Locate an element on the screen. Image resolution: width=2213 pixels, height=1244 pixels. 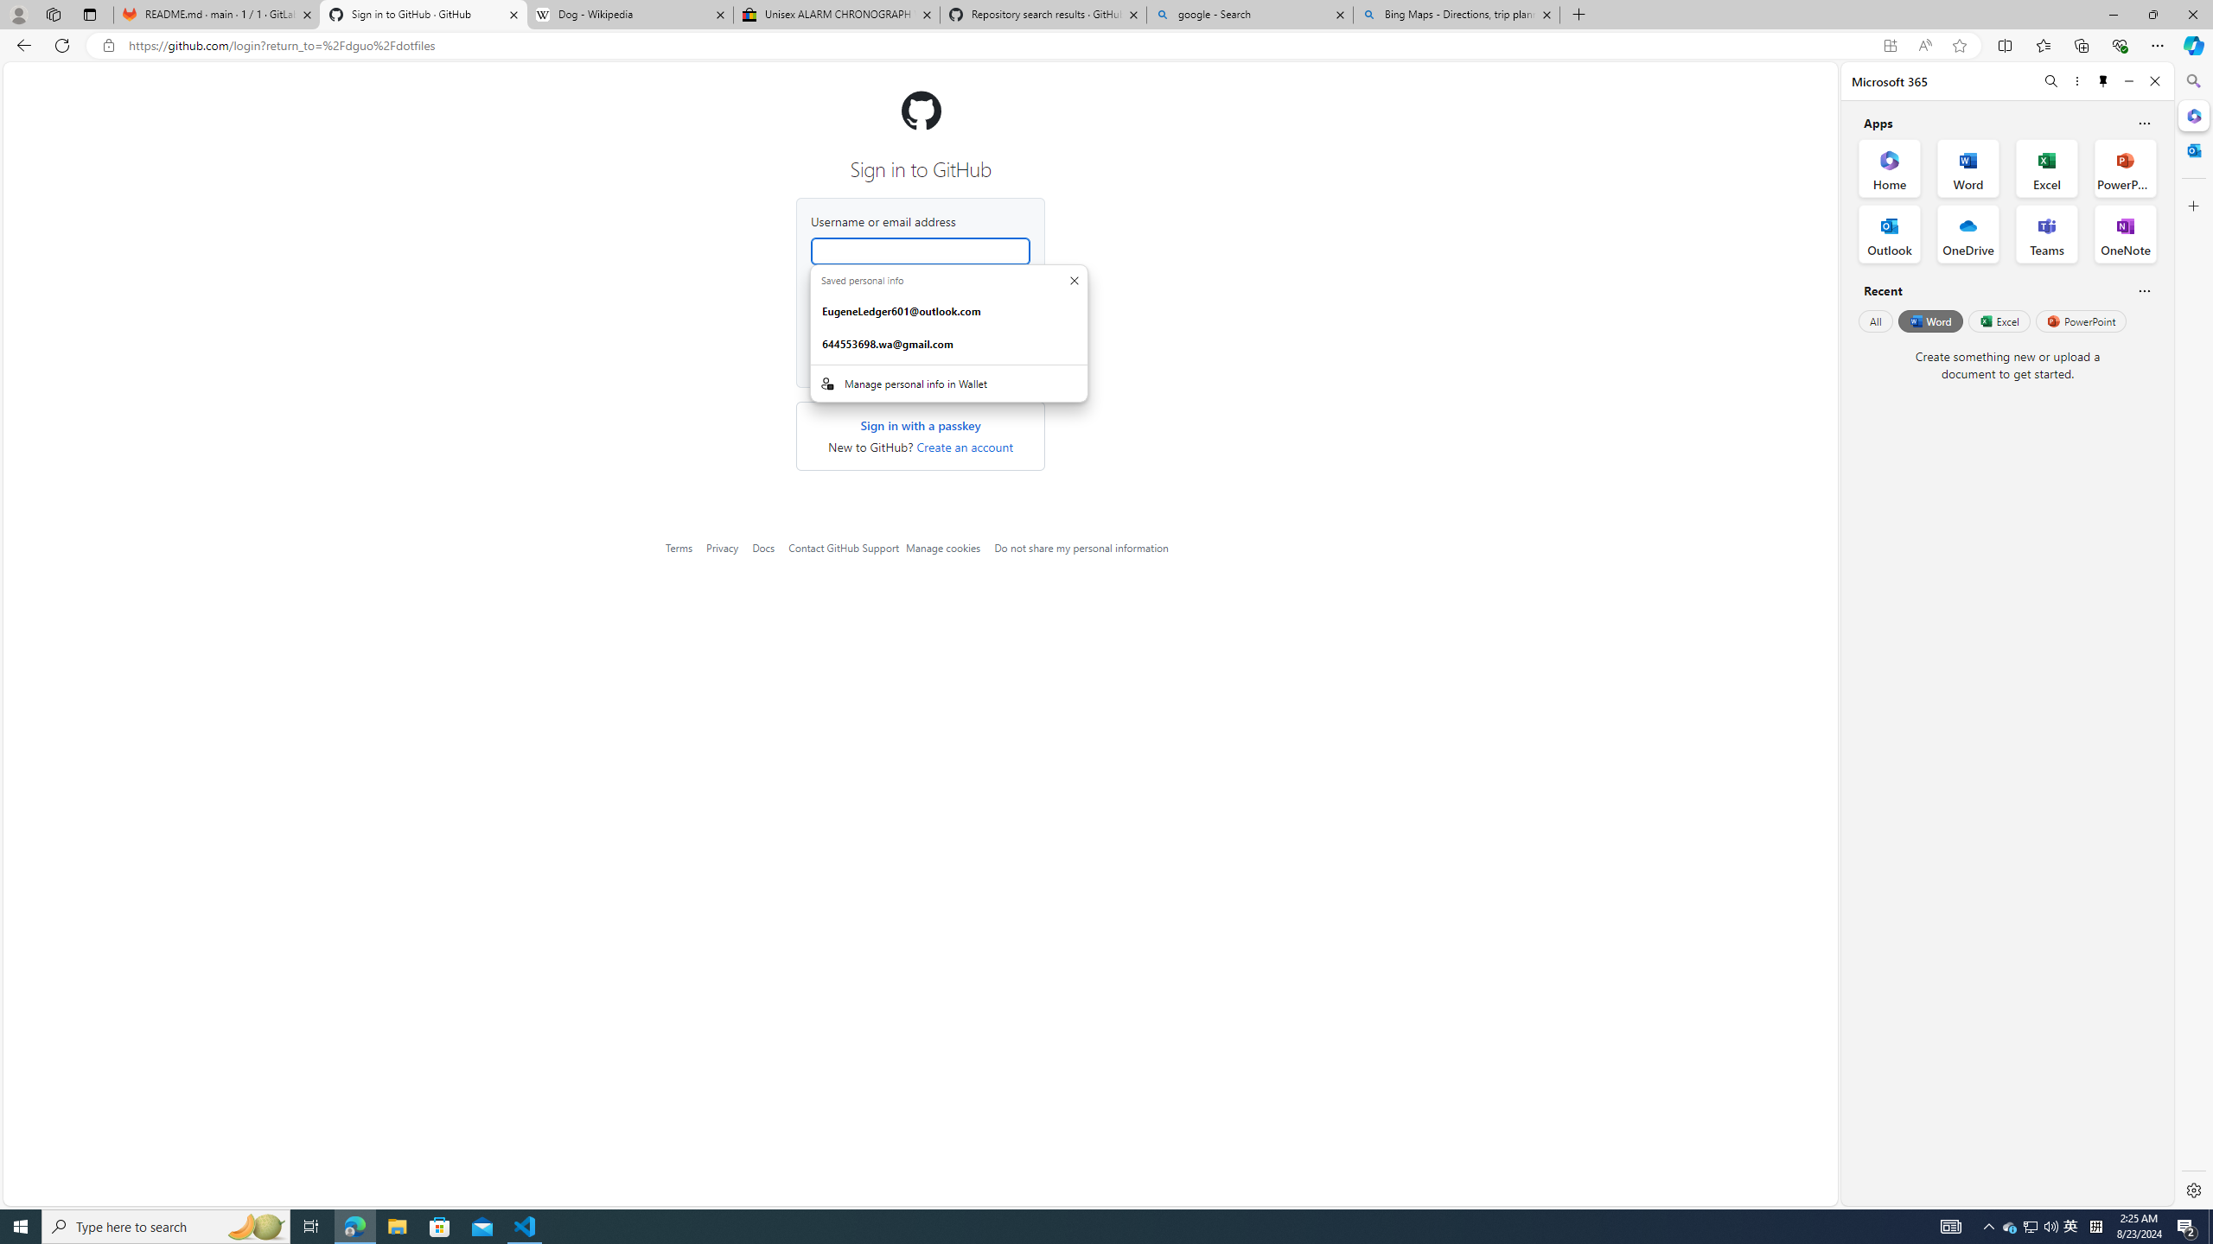
'App available. Install GitHub' is located at coordinates (1889, 46).